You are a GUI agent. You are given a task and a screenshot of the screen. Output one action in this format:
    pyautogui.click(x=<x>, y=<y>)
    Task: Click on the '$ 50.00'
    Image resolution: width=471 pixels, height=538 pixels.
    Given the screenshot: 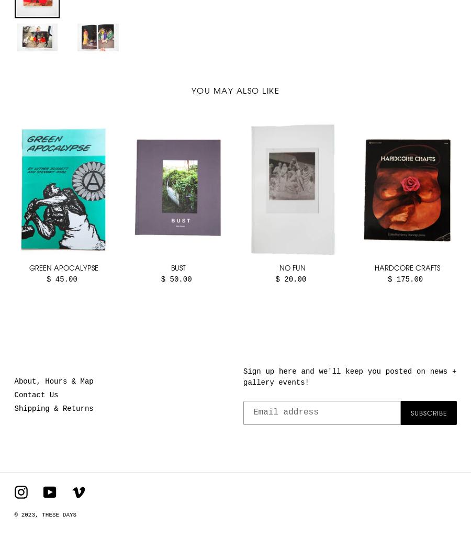 What is the action you would take?
    pyautogui.click(x=160, y=279)
    